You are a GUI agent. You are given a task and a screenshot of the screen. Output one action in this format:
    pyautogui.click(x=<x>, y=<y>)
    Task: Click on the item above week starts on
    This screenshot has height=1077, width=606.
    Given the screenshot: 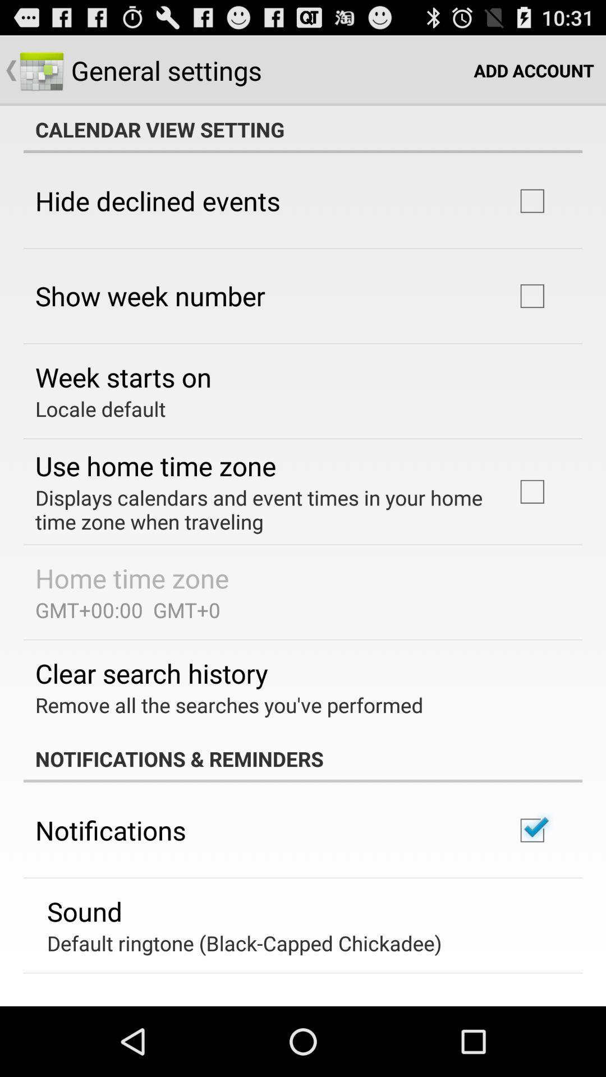 What is the action you would take?
    pyautogui.click(x=149, y=296)
    